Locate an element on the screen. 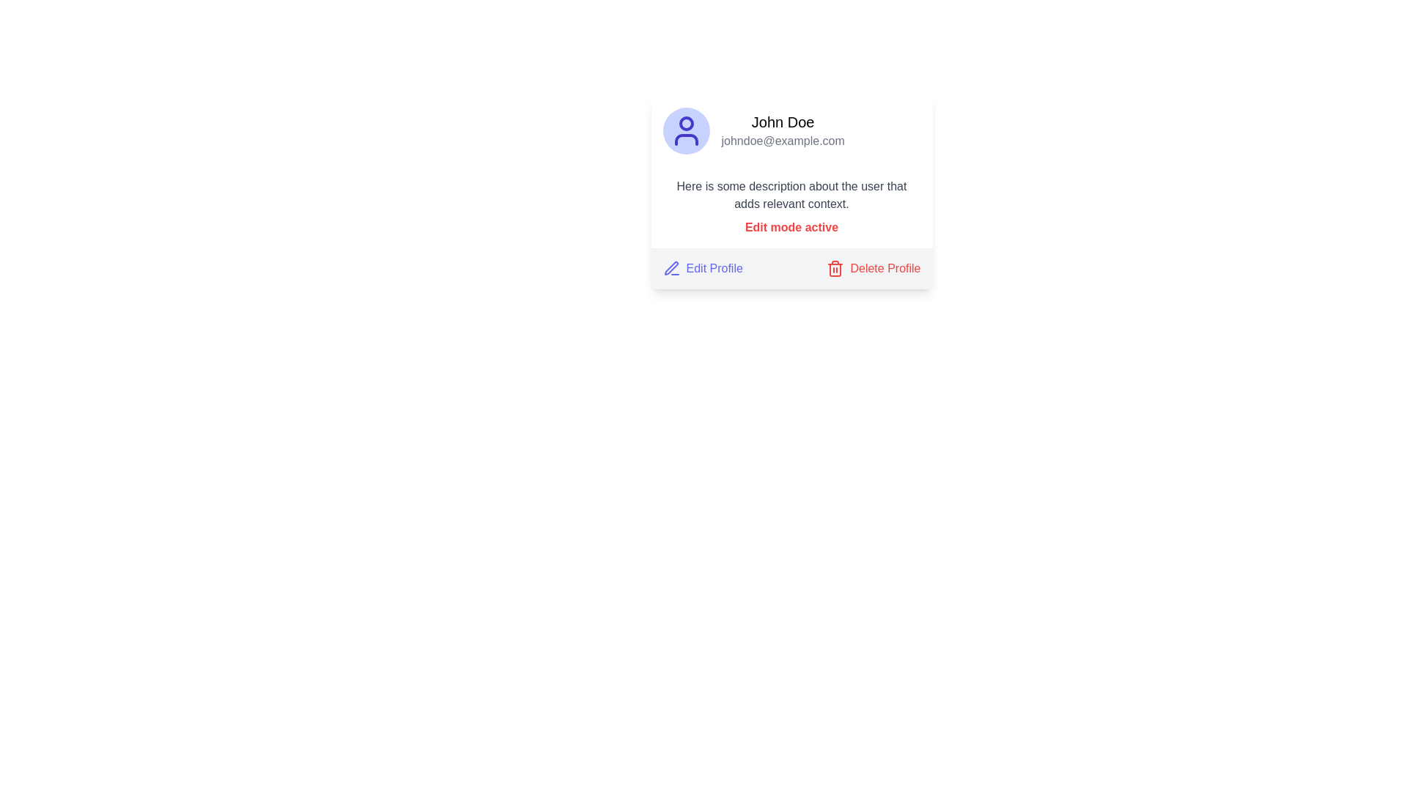  the text block that contains descriptive information about the user, which is located within the profile card structure, just below the user's name and email information is located at coordinates (791, 194).